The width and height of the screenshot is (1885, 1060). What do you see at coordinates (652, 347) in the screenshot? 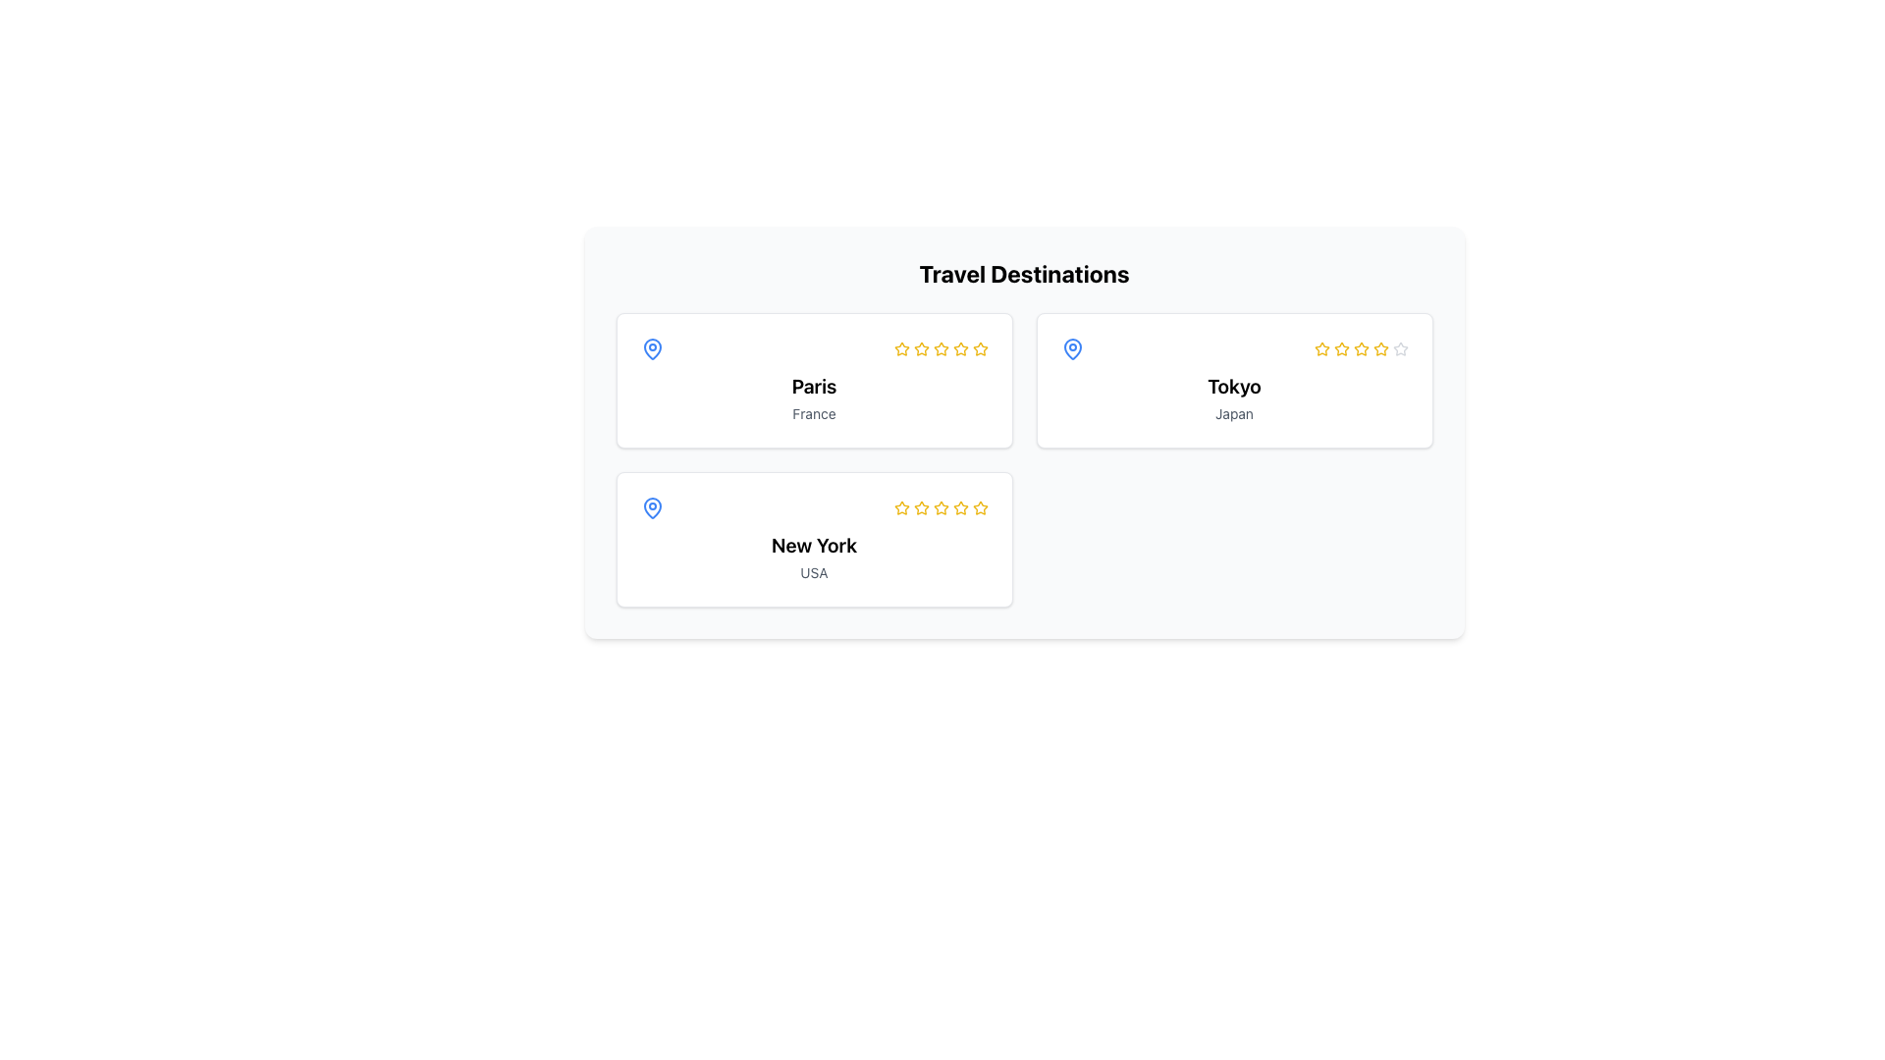
I see `the blue map pin icon located in the top-left corner of the card representing the 'Paris' destination, adjacent to the 'Paris' text and above the star rating system` at bounding box center [652, 347].